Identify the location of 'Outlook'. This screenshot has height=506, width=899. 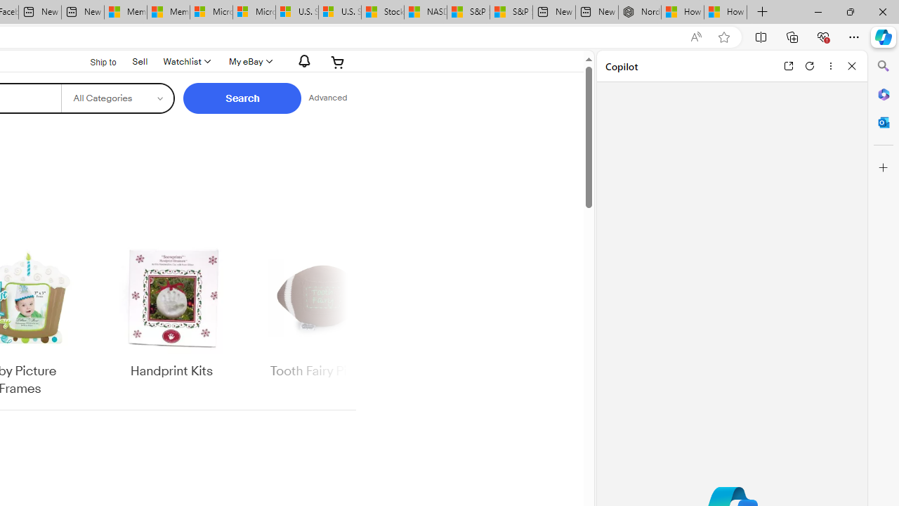
(883, 122).